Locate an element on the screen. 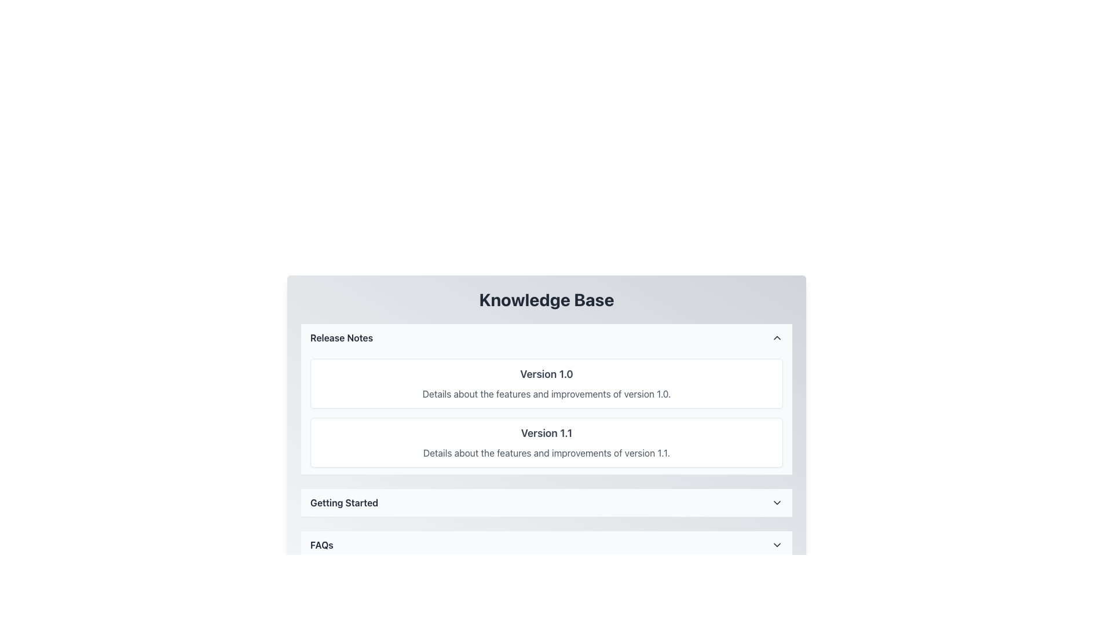 Image resolution: width=1112 pixels, height=625 pixels. the Information panel located under the 'Knowledge Base' header, between the 'Getting Started' and 'FAQs' sections, specifically for the 'Release Notes' is located at coordinates (546, 442).